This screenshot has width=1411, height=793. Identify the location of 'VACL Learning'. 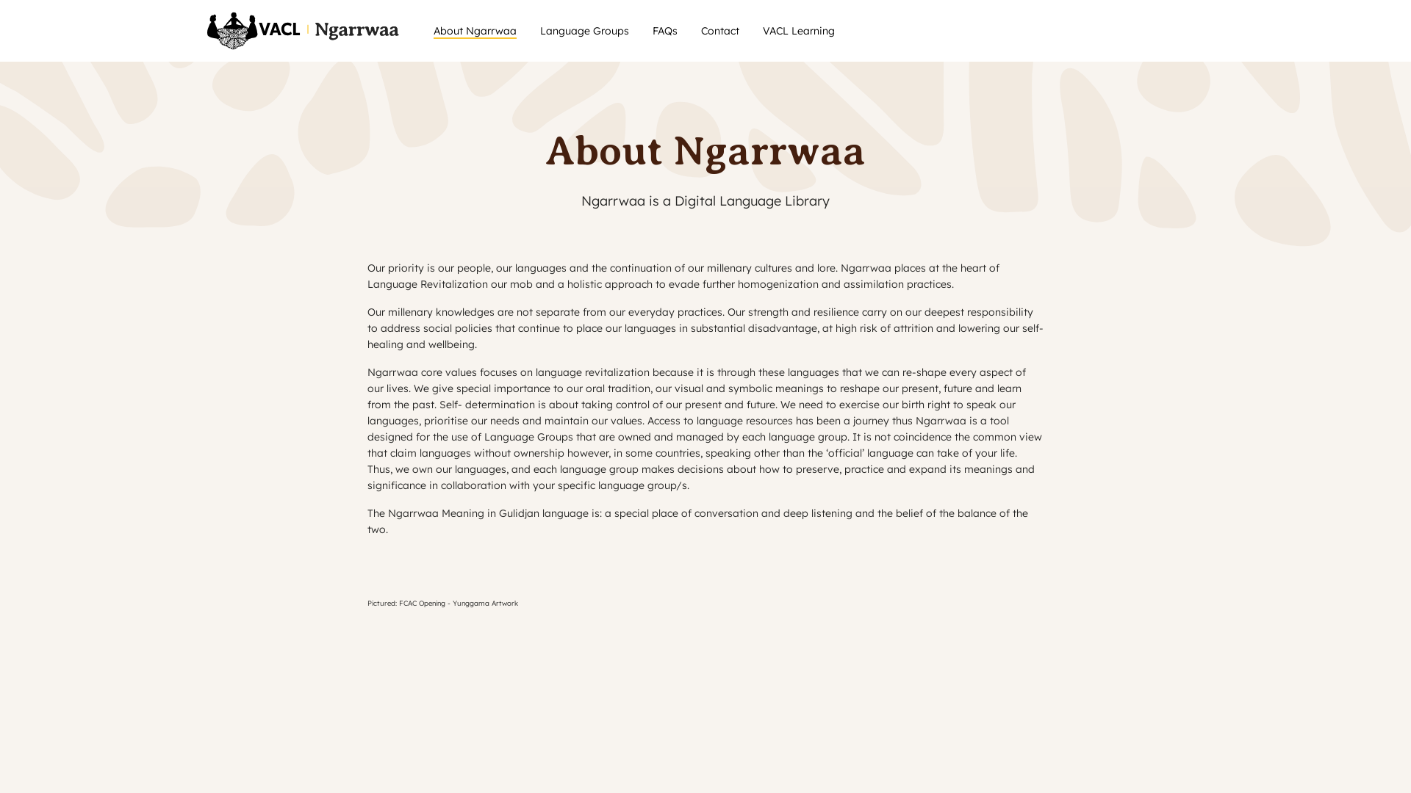
(762, 31).